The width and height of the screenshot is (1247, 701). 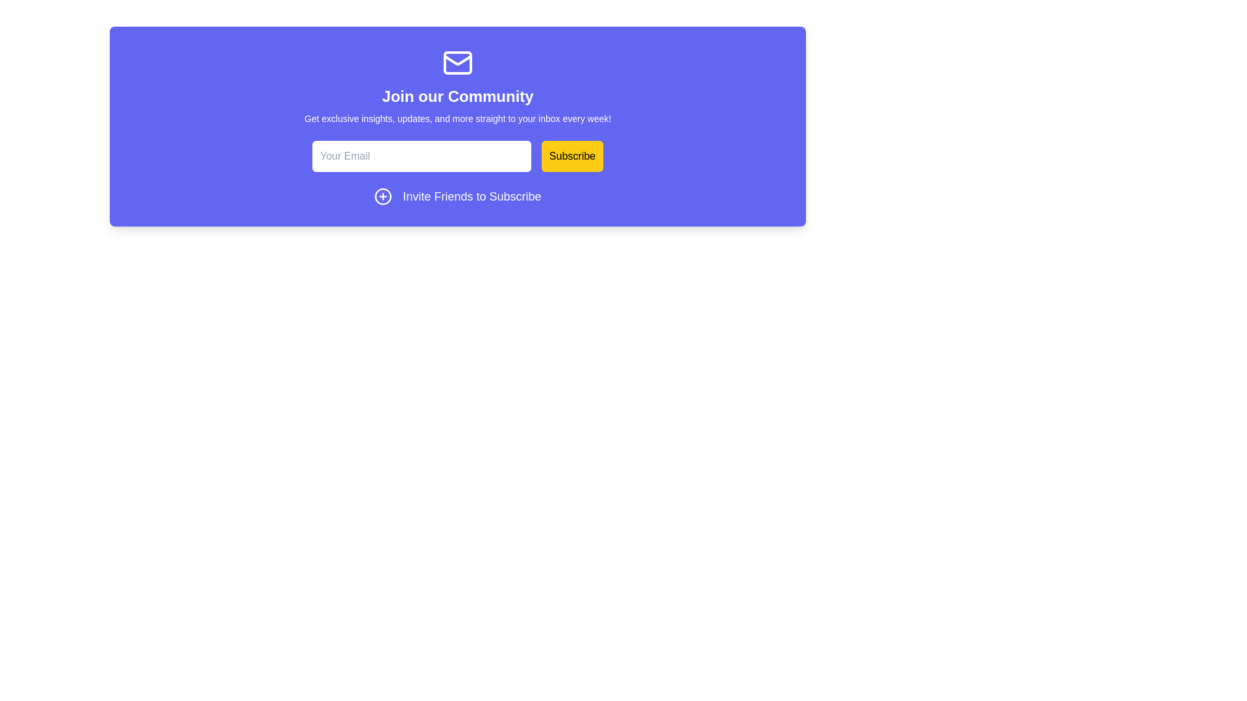 What do you see at coordinates (471, 197) in the screenshot?
I see `text label displaying 'Invite Friends to Subscribe' located below the email subscription input field and button` at bounding box center [471, 197].